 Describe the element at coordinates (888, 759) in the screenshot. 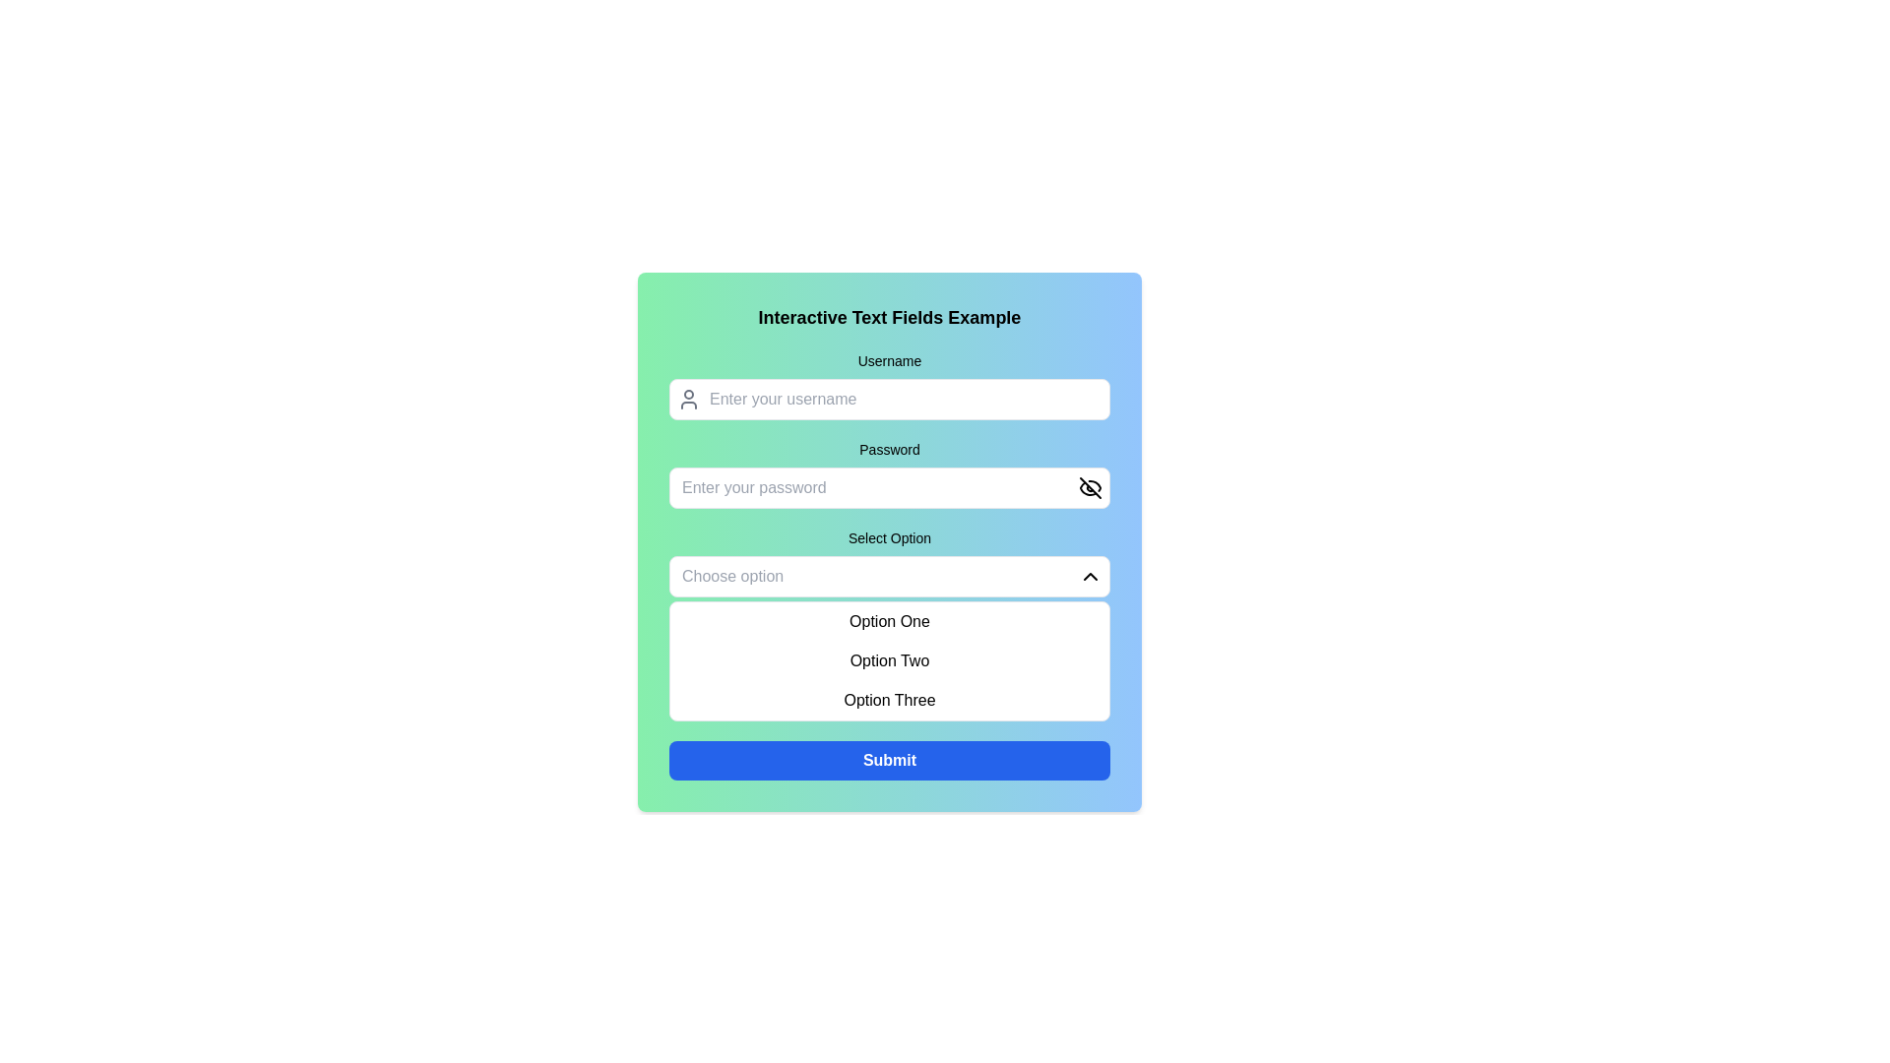

I see `the submission button for the form` at that location.